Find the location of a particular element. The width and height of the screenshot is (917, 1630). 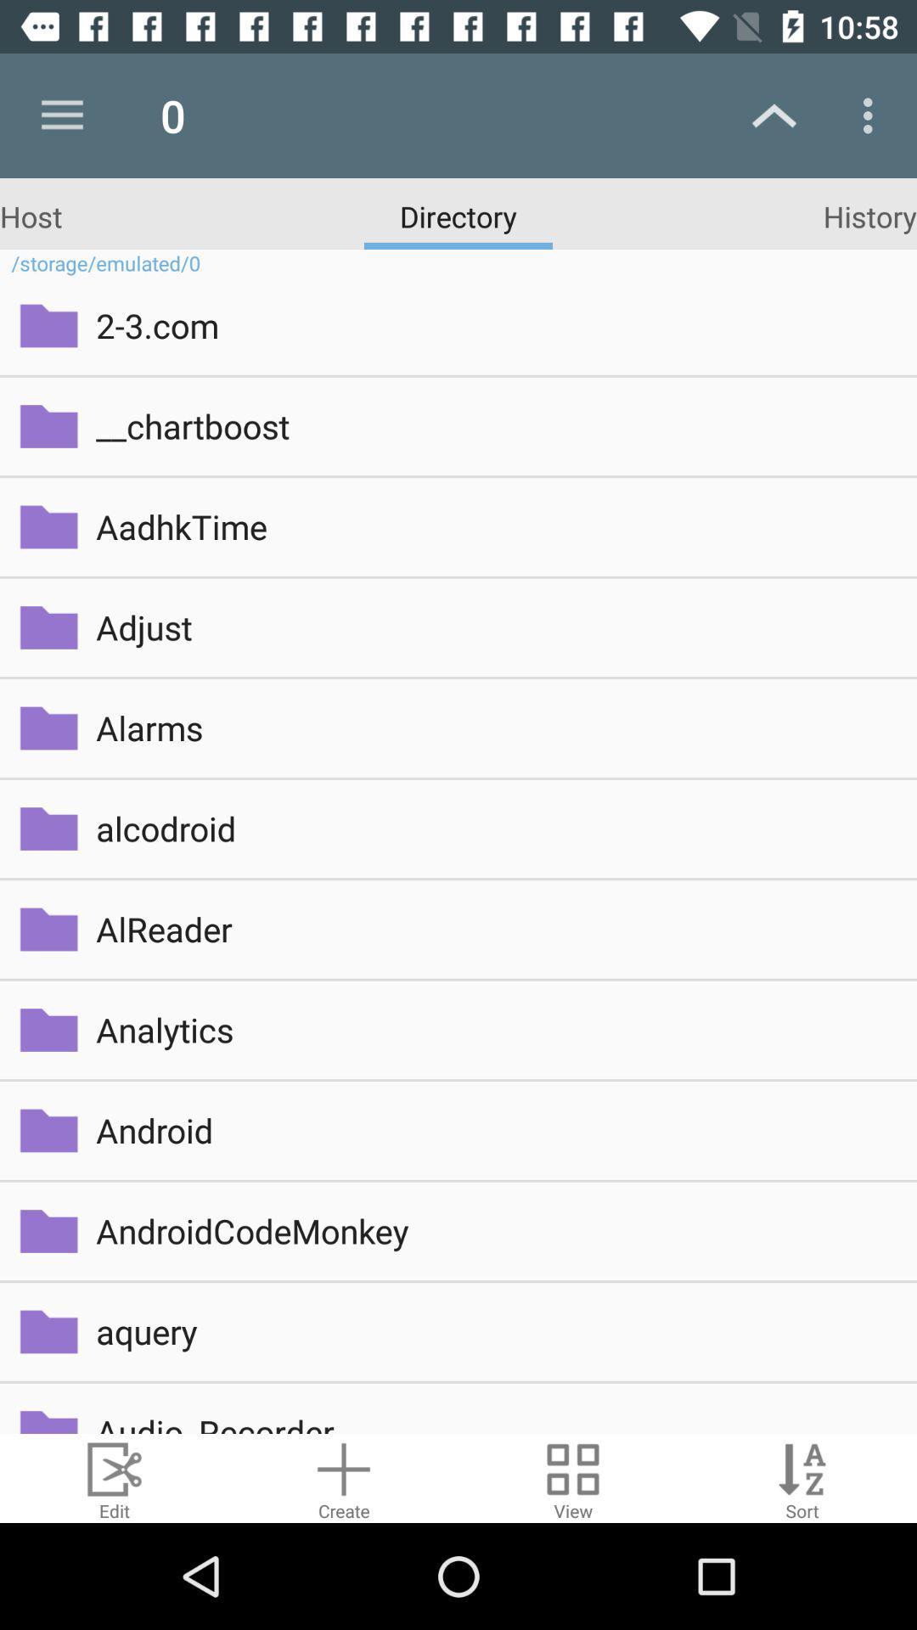

option is located at coordinates (344, 1477).